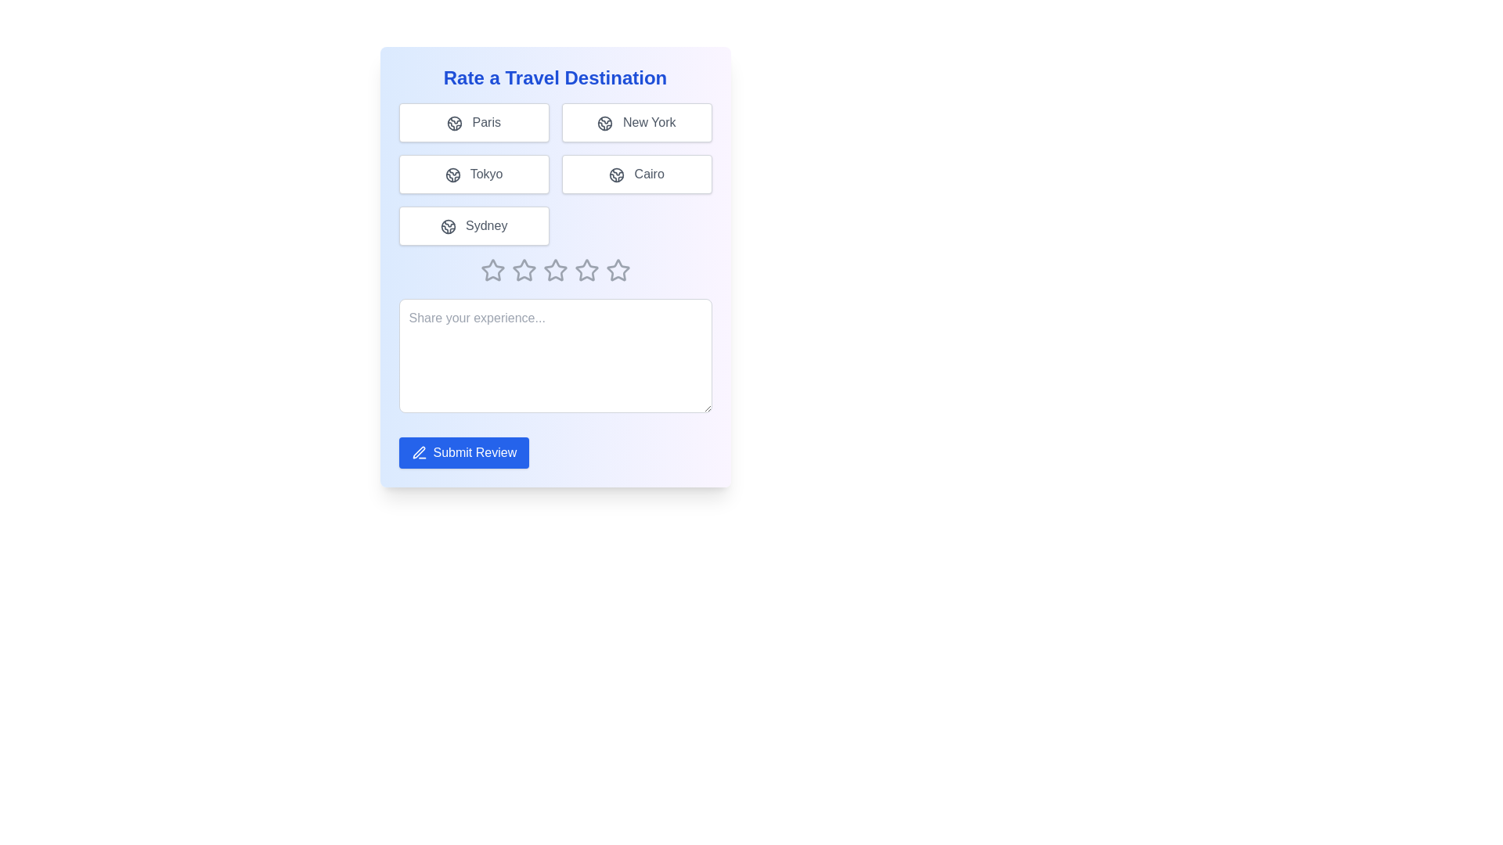 This screenshot has height=845, width=1503. Describe the element at coordinates (419, 452) in the screenshot. I see `the icon that signifies the purpose of the 'Submit Review' button, located at the left section within the button` at that location.